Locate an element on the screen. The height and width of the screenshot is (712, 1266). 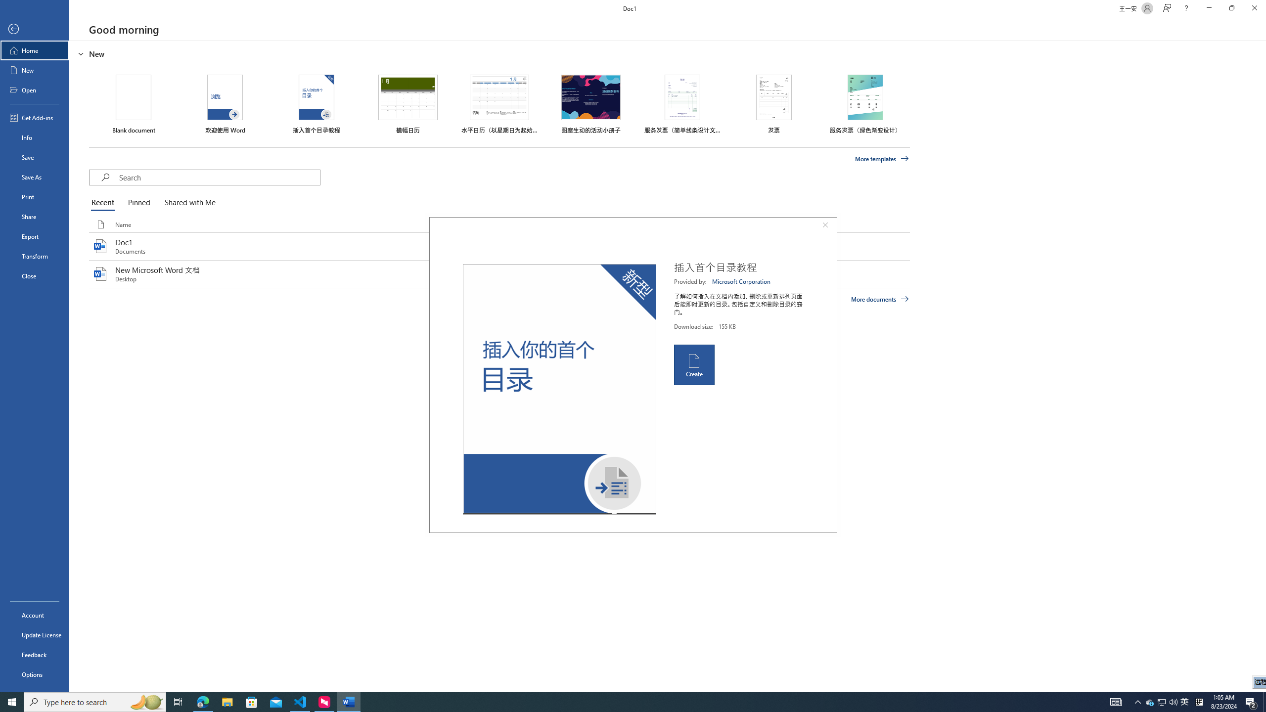
'Info' is located at coordinates (34, 136).